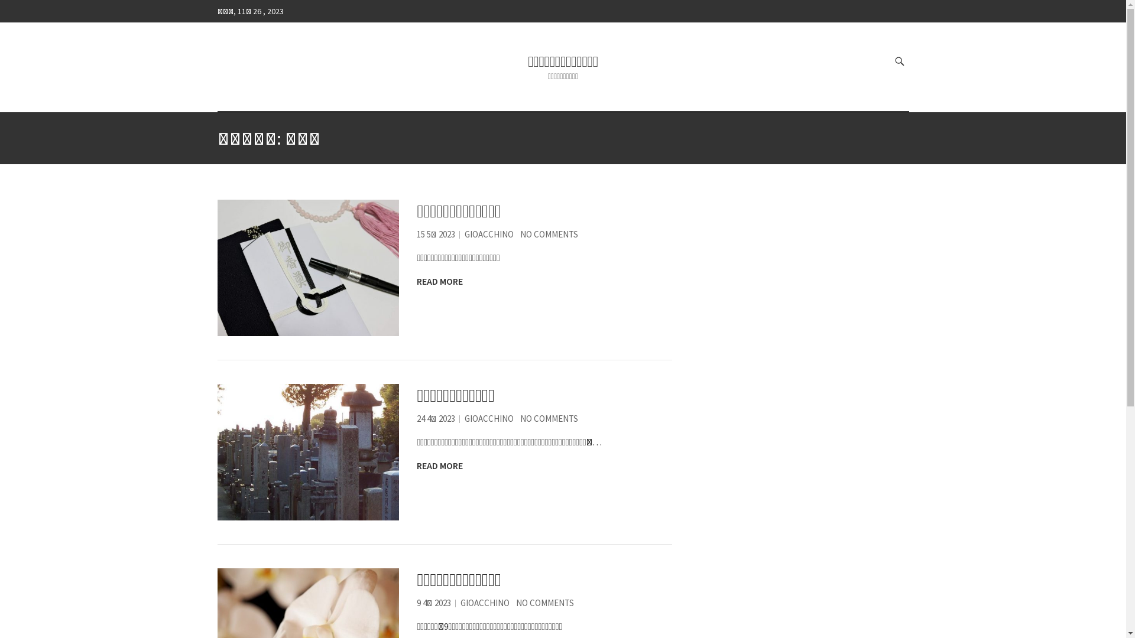 The height and width of the screenshot is (638, 1135). I want to click on 'READ MORE', so click(417, 281).